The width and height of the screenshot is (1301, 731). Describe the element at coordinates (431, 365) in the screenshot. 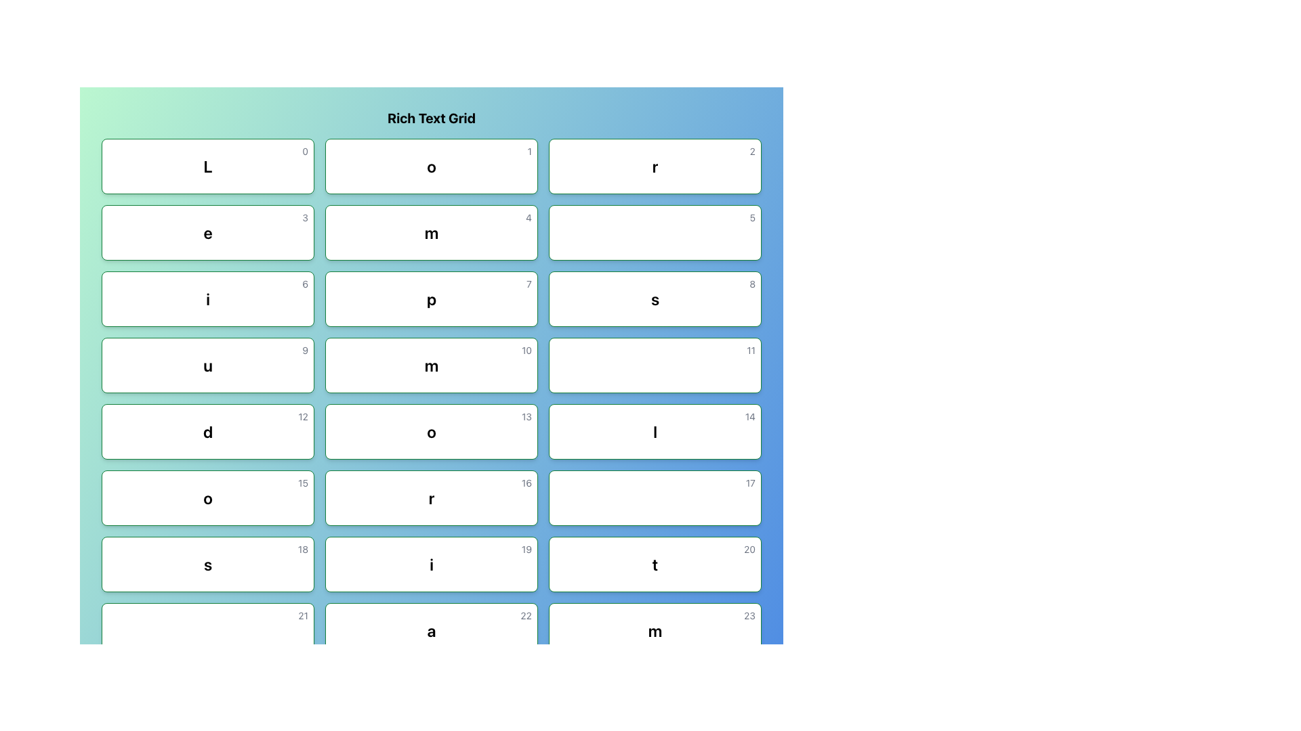

I see `the white rectangular card with a bold black 'm' and a smaller gray '10' in the top-right corner located in the fifth row and second column of the grid` at that location.